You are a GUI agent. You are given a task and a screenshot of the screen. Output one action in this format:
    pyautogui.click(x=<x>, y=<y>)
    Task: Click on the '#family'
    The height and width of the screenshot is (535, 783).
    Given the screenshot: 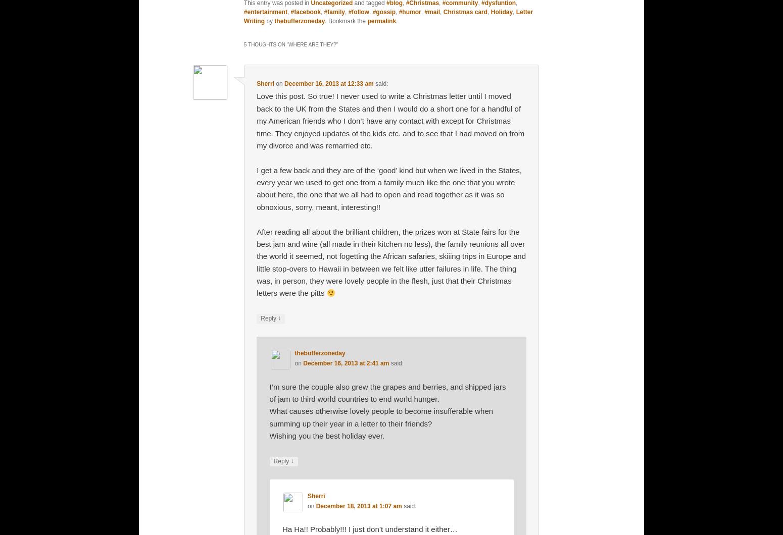 What is the action you would take?
    pyautogui.click(x=333, y=12)
    